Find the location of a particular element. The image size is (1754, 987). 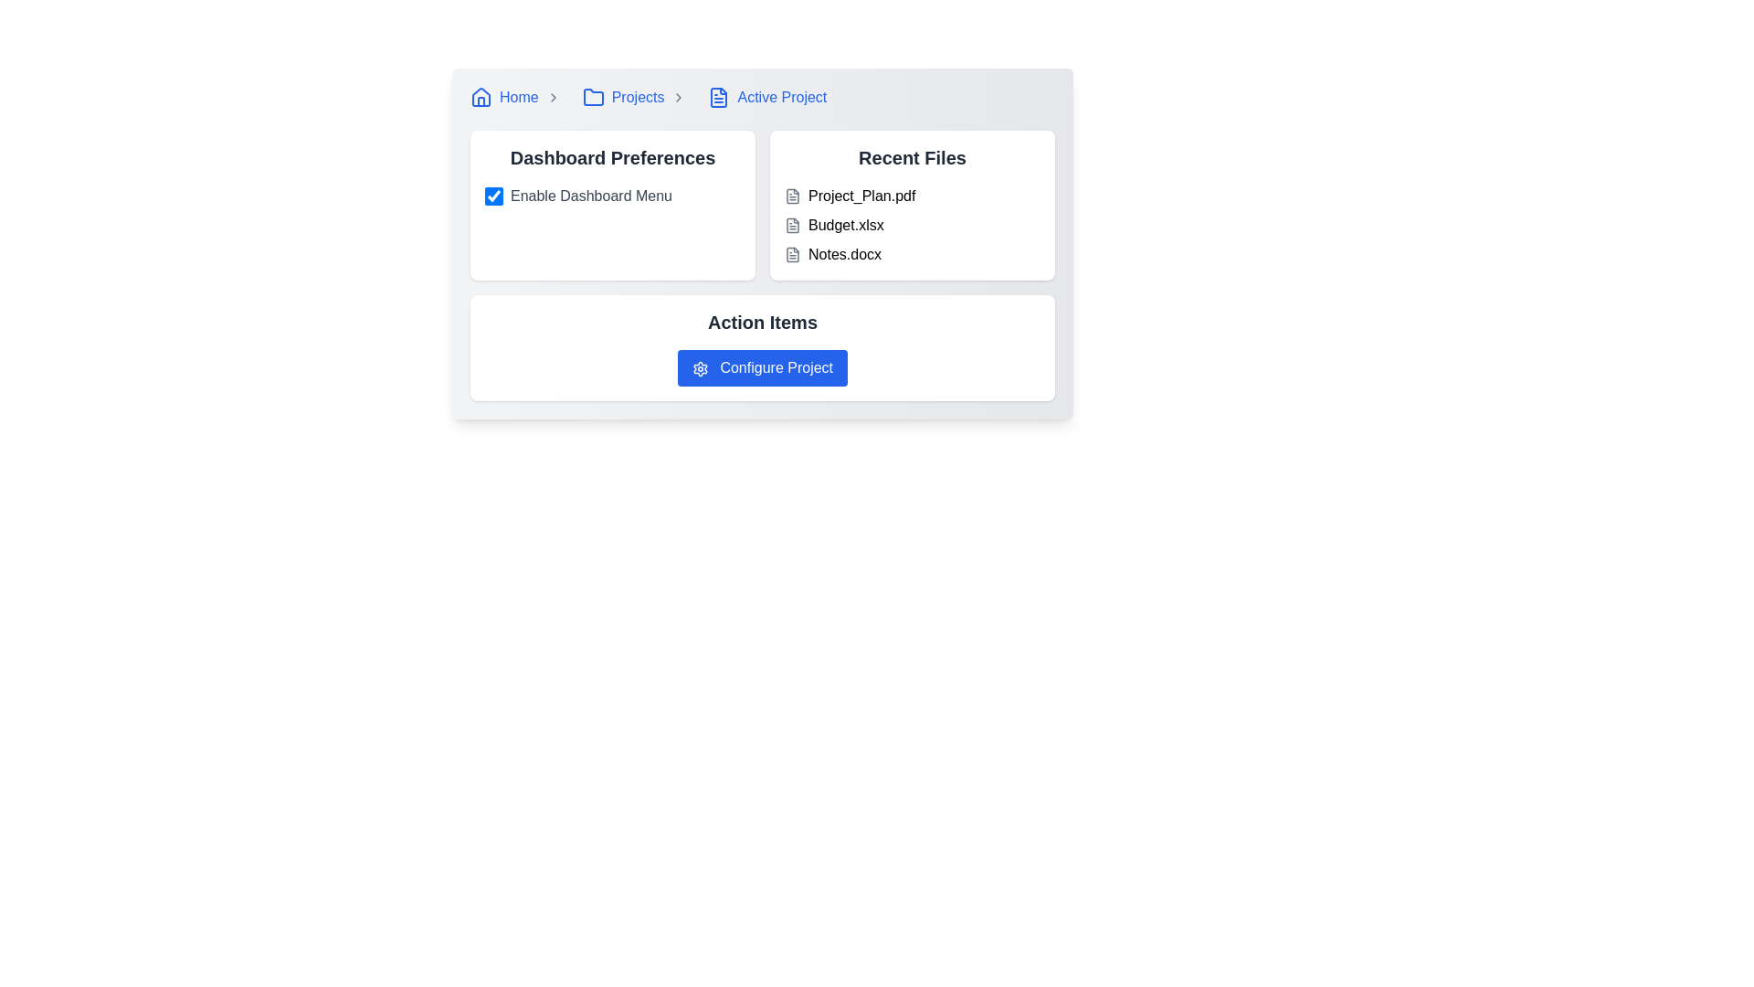

the 'Home' breadcrumb navigation item is located at coordinates (518, 98).